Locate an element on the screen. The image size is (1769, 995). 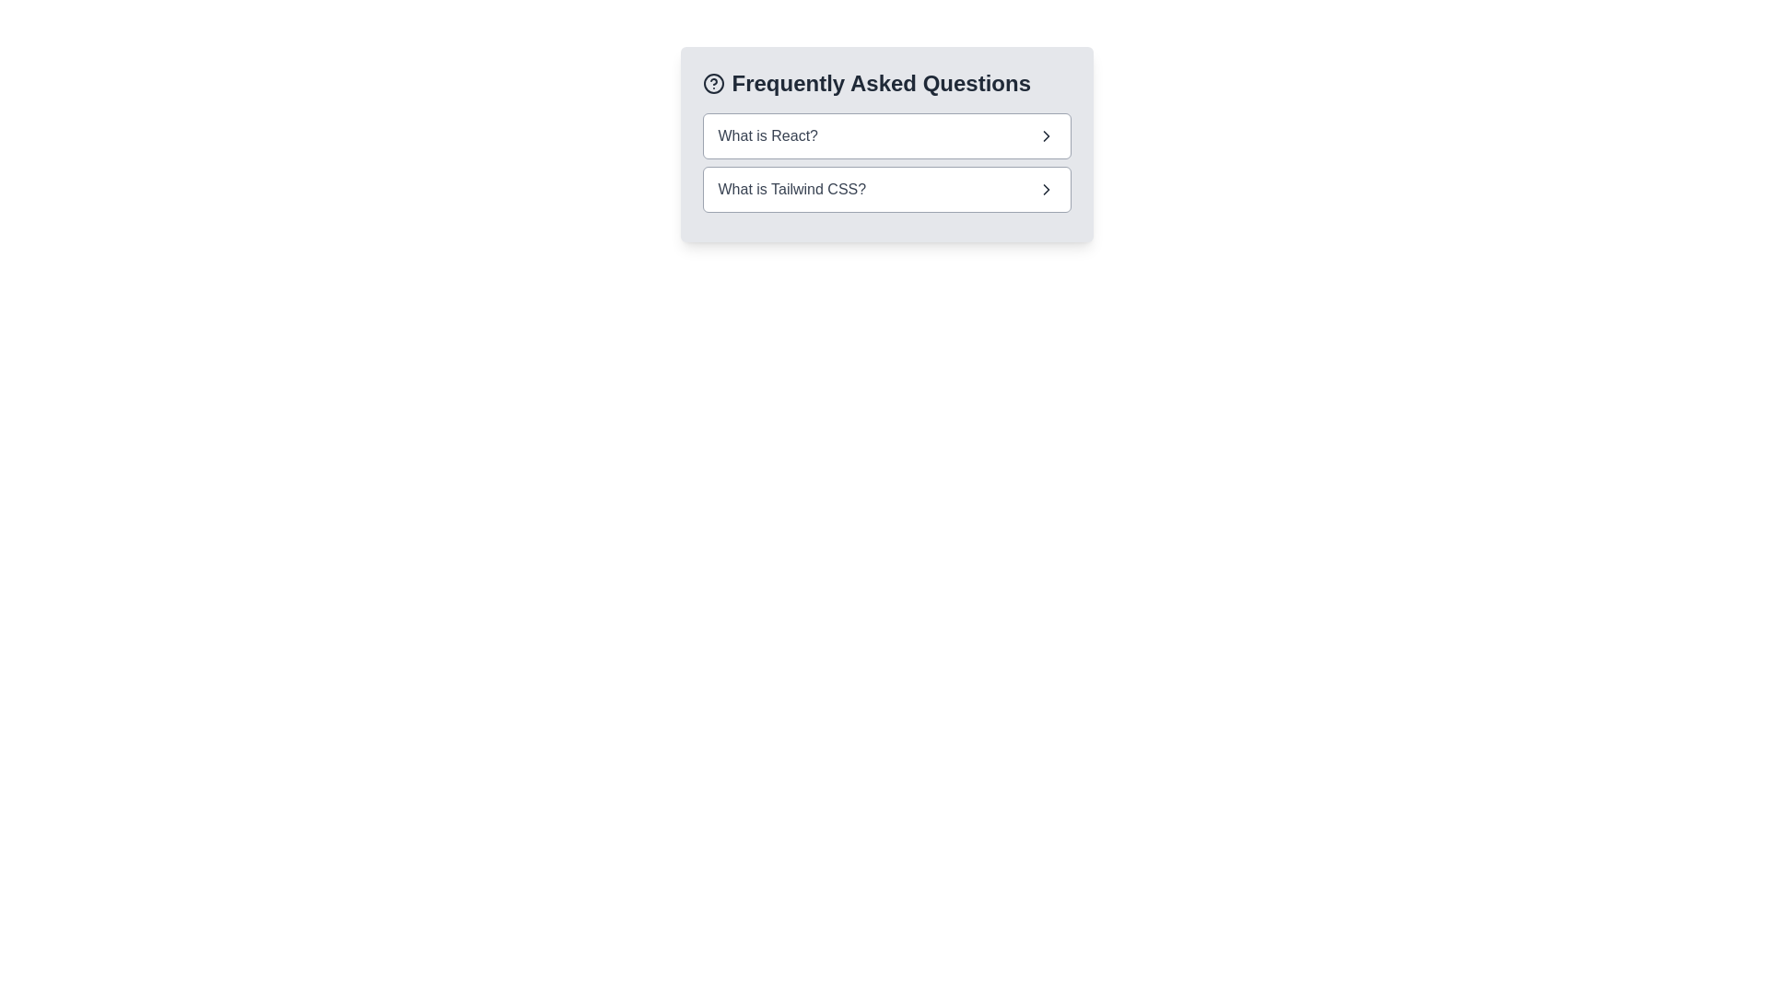
the small right-pointing chevron icon located on the right side of the lower question item 'What is Tailwind CSS?' in the FAQ list is located at coordinates (1046, 189).